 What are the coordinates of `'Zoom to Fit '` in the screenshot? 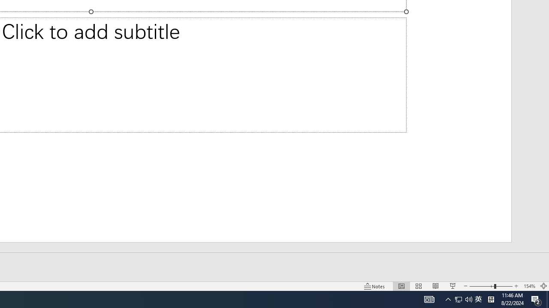 It's located at (543, 286).